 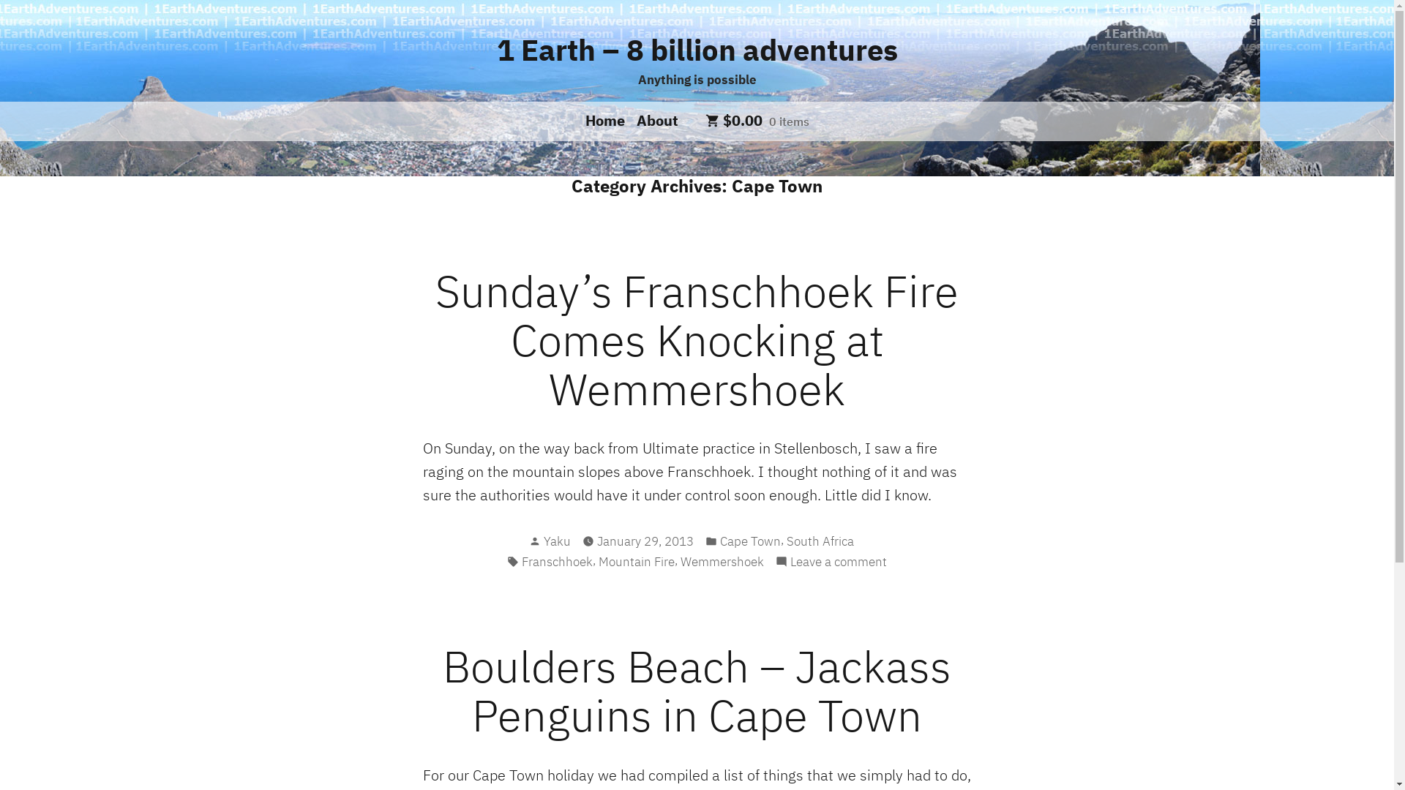 I want to click on 'Franschhoek', so click(x=556, y=561).